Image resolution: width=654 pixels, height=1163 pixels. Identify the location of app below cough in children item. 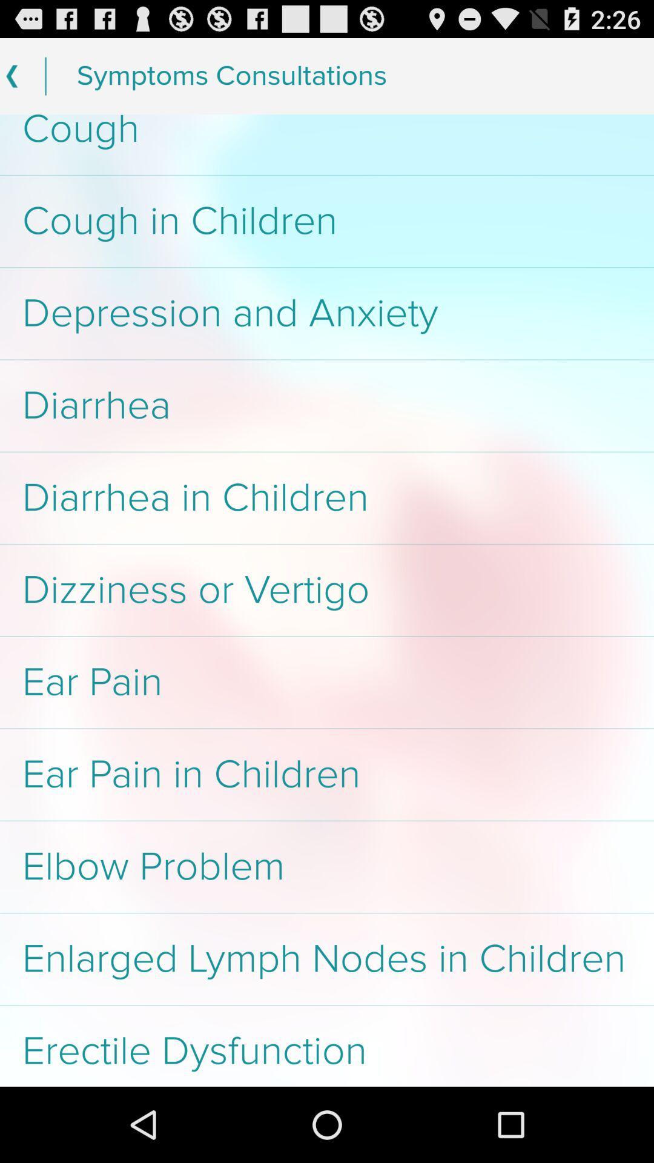
(327, 313).